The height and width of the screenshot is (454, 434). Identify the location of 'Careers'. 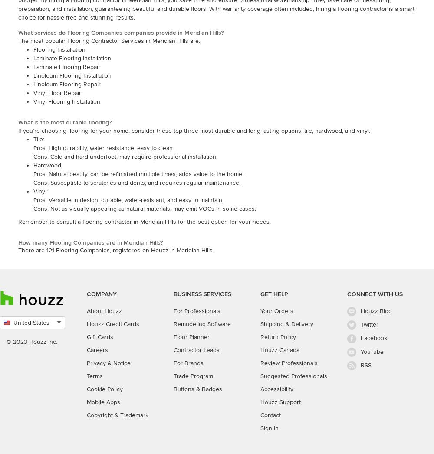
(97, 349).